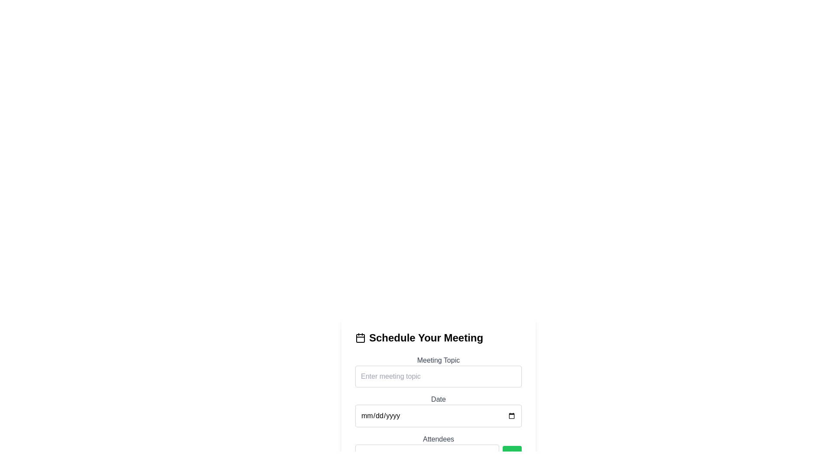  Describe the element at coordinates (439, 337) in the screenshot. I see `the header text 'Schedule Your Meeting' which is prominently styled with bold and large black text and has a calendar icon to its left, positioned at the top of the form layout` at that location.